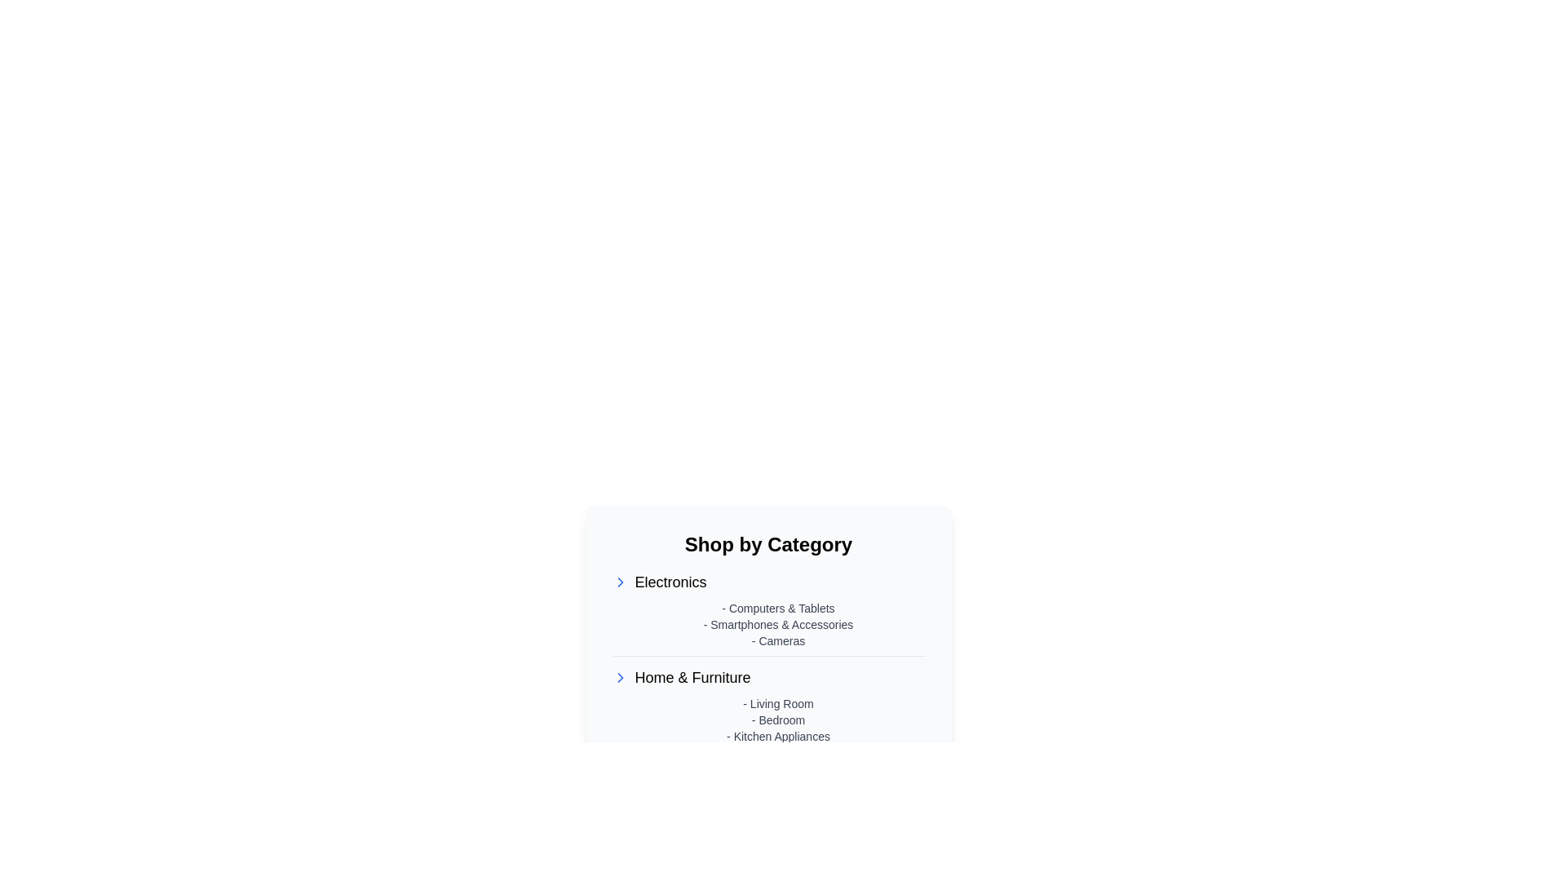 The image size is (1566, 881). What do you see at coordinates (619, 581) in the screenshot?
I see `the Chevron Right icon located to the left of the 'Electronics' text` at bounding box center [619, 581].